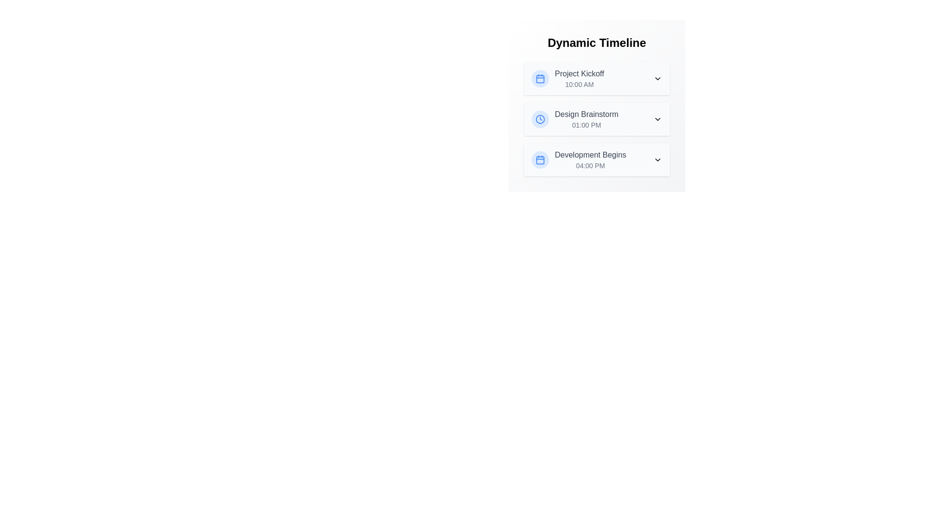 This screenshot has height=522, width=928. I want to click on heading text 'Dynamic Timeline' displayed in bold, large-sized font, located at the top of the timeline component, centered above the entries for 'Project Kickoff', 'Design Brainstorm', and 'Development Begins', so click(596, 42).